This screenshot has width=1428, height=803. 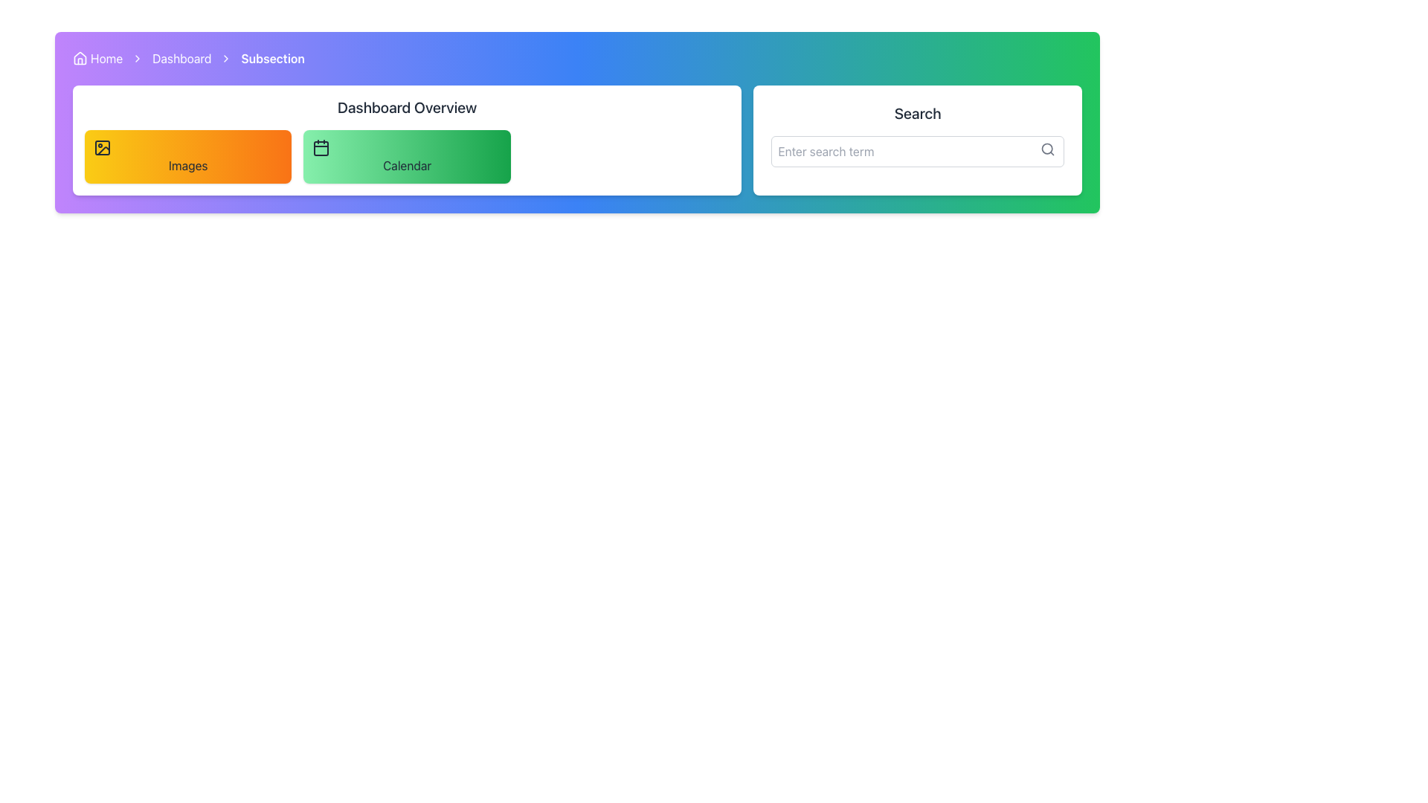 I want to click on 'Images' icon located in the top left corner of the yellow-orange button, which serves as a graphical indicator for the Images functionality in the application, so click(x=102, y=148).